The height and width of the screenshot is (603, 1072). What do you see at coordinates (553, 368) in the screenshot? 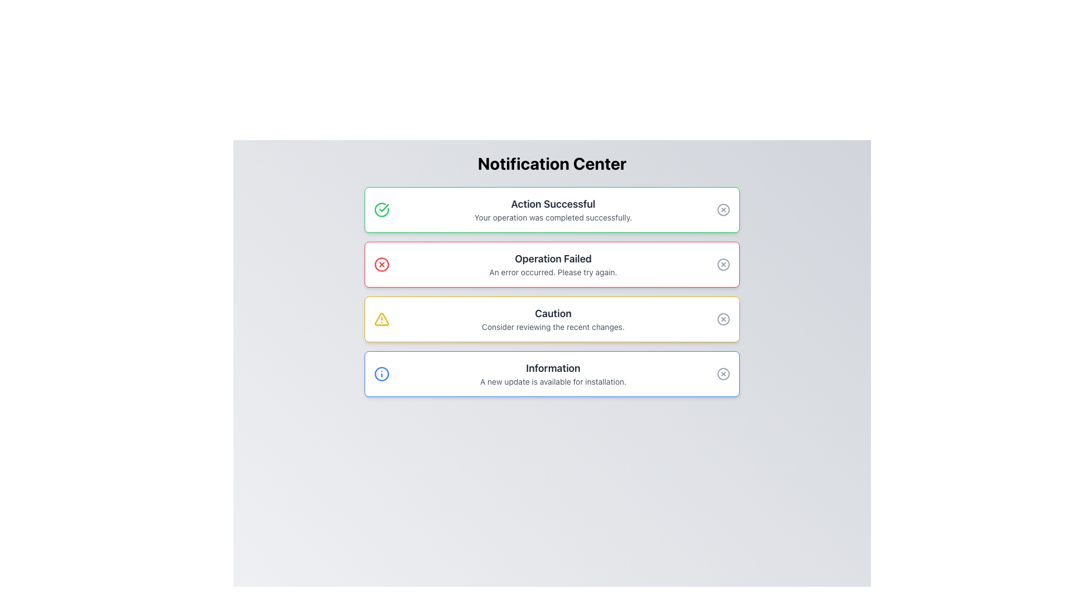
I see `the header text located at the top of the last notification box, which is styled with a blue border and summarizes the type of notification` at bounding box center [553, 368].